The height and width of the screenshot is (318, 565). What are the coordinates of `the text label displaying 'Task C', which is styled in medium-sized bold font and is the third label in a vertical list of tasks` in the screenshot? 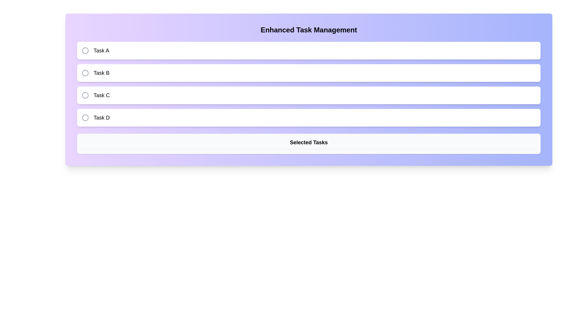 It's located at (102, 95).